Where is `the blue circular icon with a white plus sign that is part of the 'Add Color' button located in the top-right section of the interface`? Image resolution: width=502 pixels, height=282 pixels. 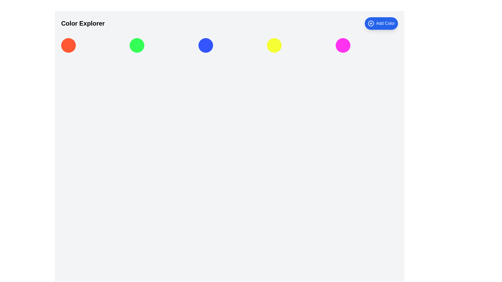 the blue circular icon with a white plus sign that is part of the 'Add Color' button located in the top-right section of the interface is located at coordinates (370, 23).